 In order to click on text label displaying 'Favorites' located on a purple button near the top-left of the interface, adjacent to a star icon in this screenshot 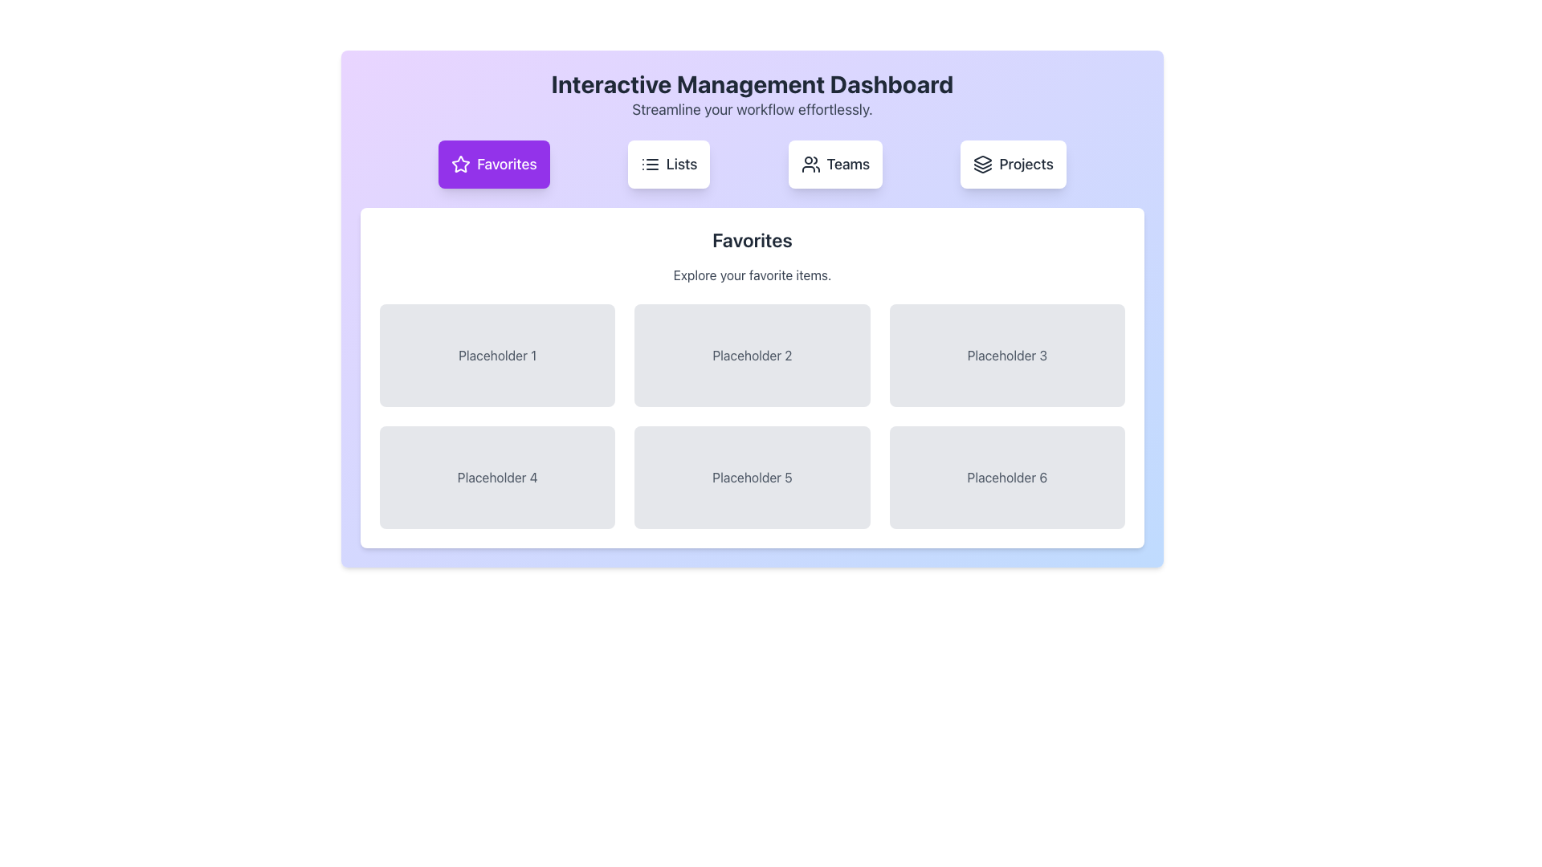, I will do `click(506, 164)`.